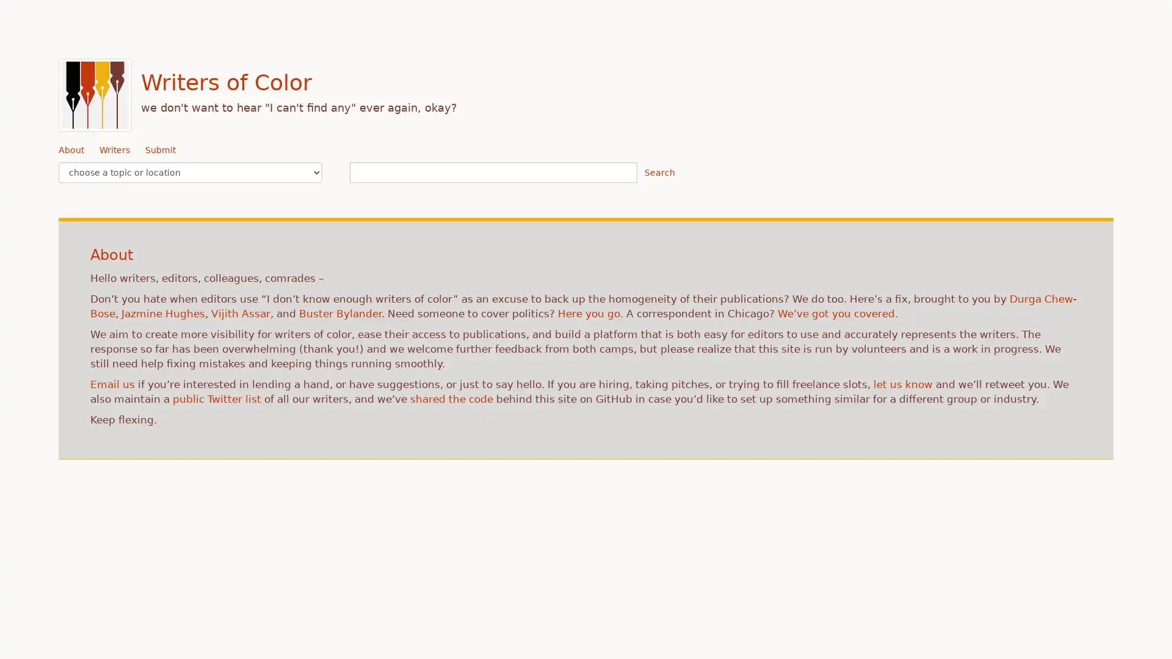 The height and width of the screenshot is (659, 1172). What do you see at coordinates (659, 172) in the screenshot?
I see `Search` at bounding box center [659, 172].